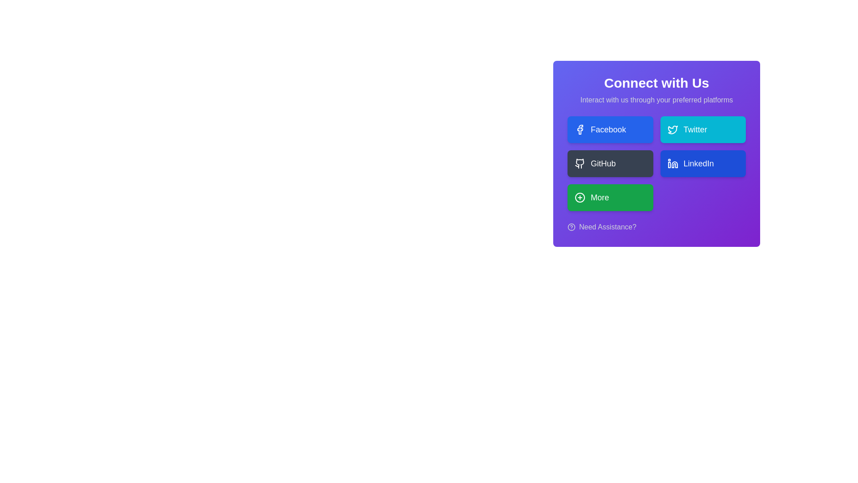  What do you see at coordinates (603, 164) in the screenshot?
I see `the Text Label indicating the purpose of the button to connect with GitHub, located in the second row of the 'Connect with Us' section, to the right of the GitHub icon` at bounding box center [603, 164].